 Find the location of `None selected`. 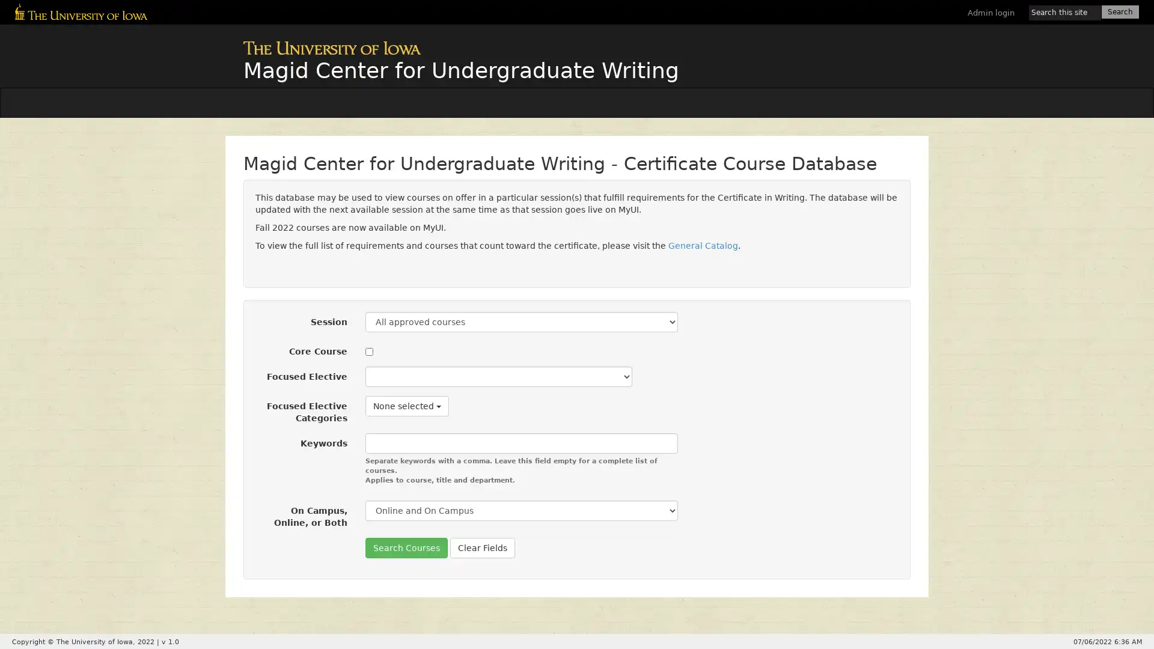

None selected is located at coordinates (407, 406).